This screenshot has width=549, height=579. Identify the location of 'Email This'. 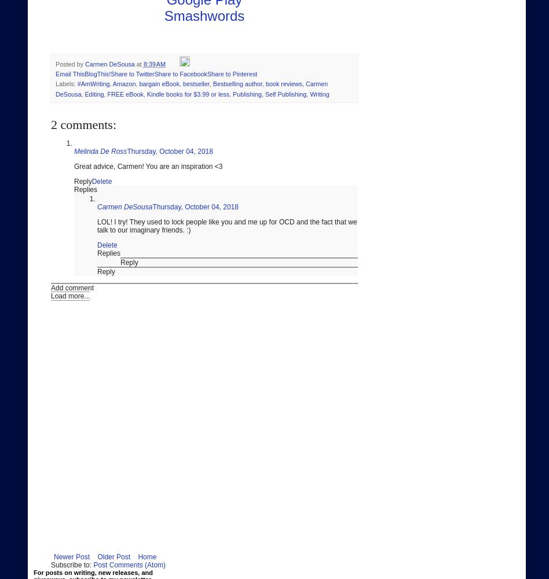
(69, 73).